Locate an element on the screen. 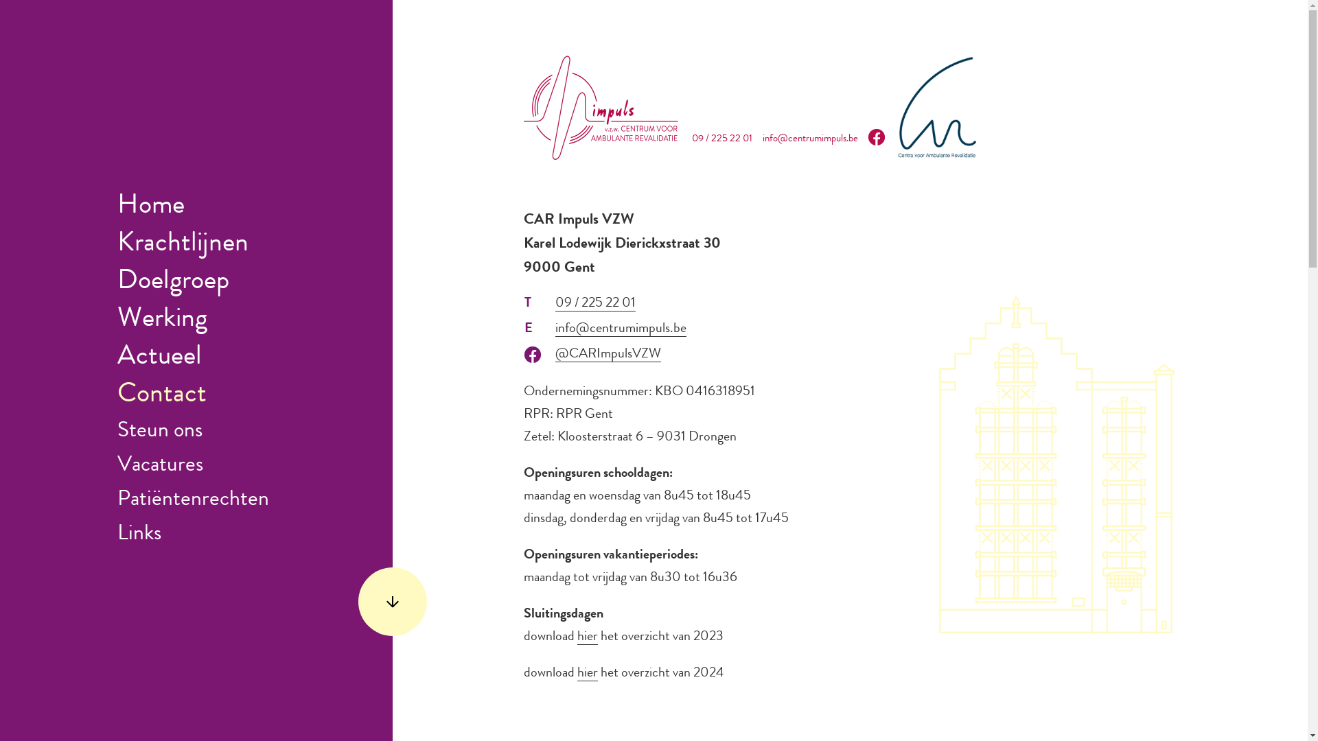 The image size is (1318, 741). 'Vacatures' is located at coordinates (160, 465).